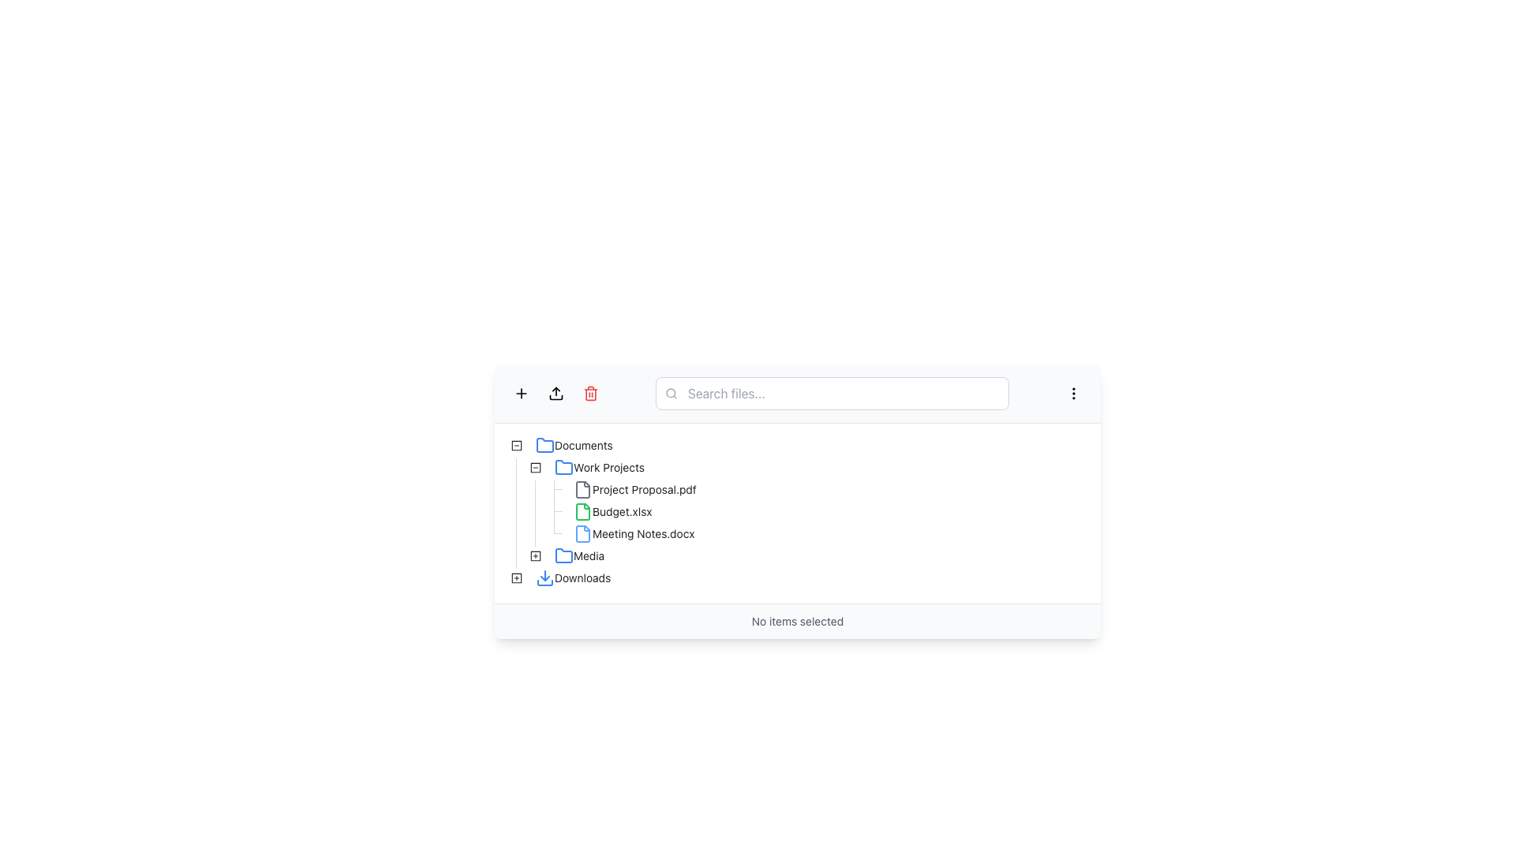 This screenshot has height=852, width=1515. I want to click on the vertical indentation bar located to the left margin of the 'Media' tree node, which serves as an indentation marker for the associated node, so click(516, 555).